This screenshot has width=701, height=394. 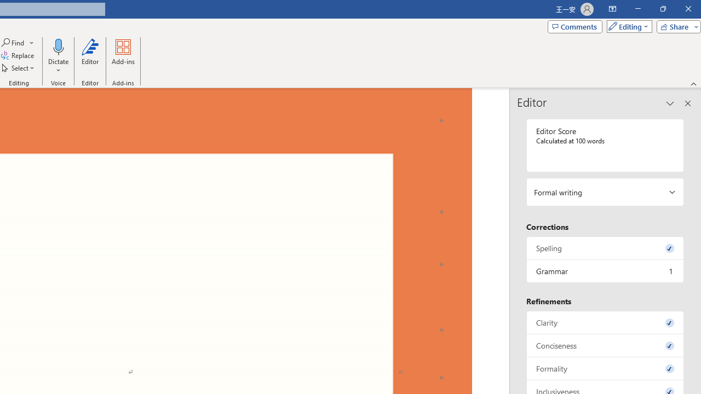 What do you see at coordinates (627, 26) in the screenshot?
I see `'Editing'` at bounding box center [627, 26].